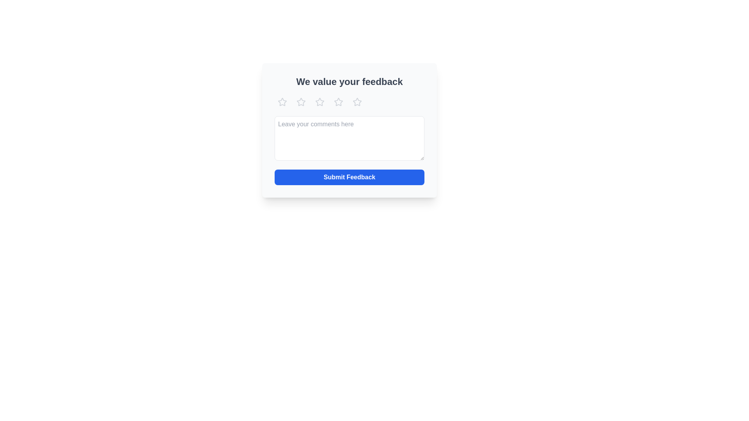 This screenshot has height=421, width=749. Describe the element at coordinates (282, 102) in the screenshot. I see `the first star icon in the feedback rating system to provide a selection preview` at that location.